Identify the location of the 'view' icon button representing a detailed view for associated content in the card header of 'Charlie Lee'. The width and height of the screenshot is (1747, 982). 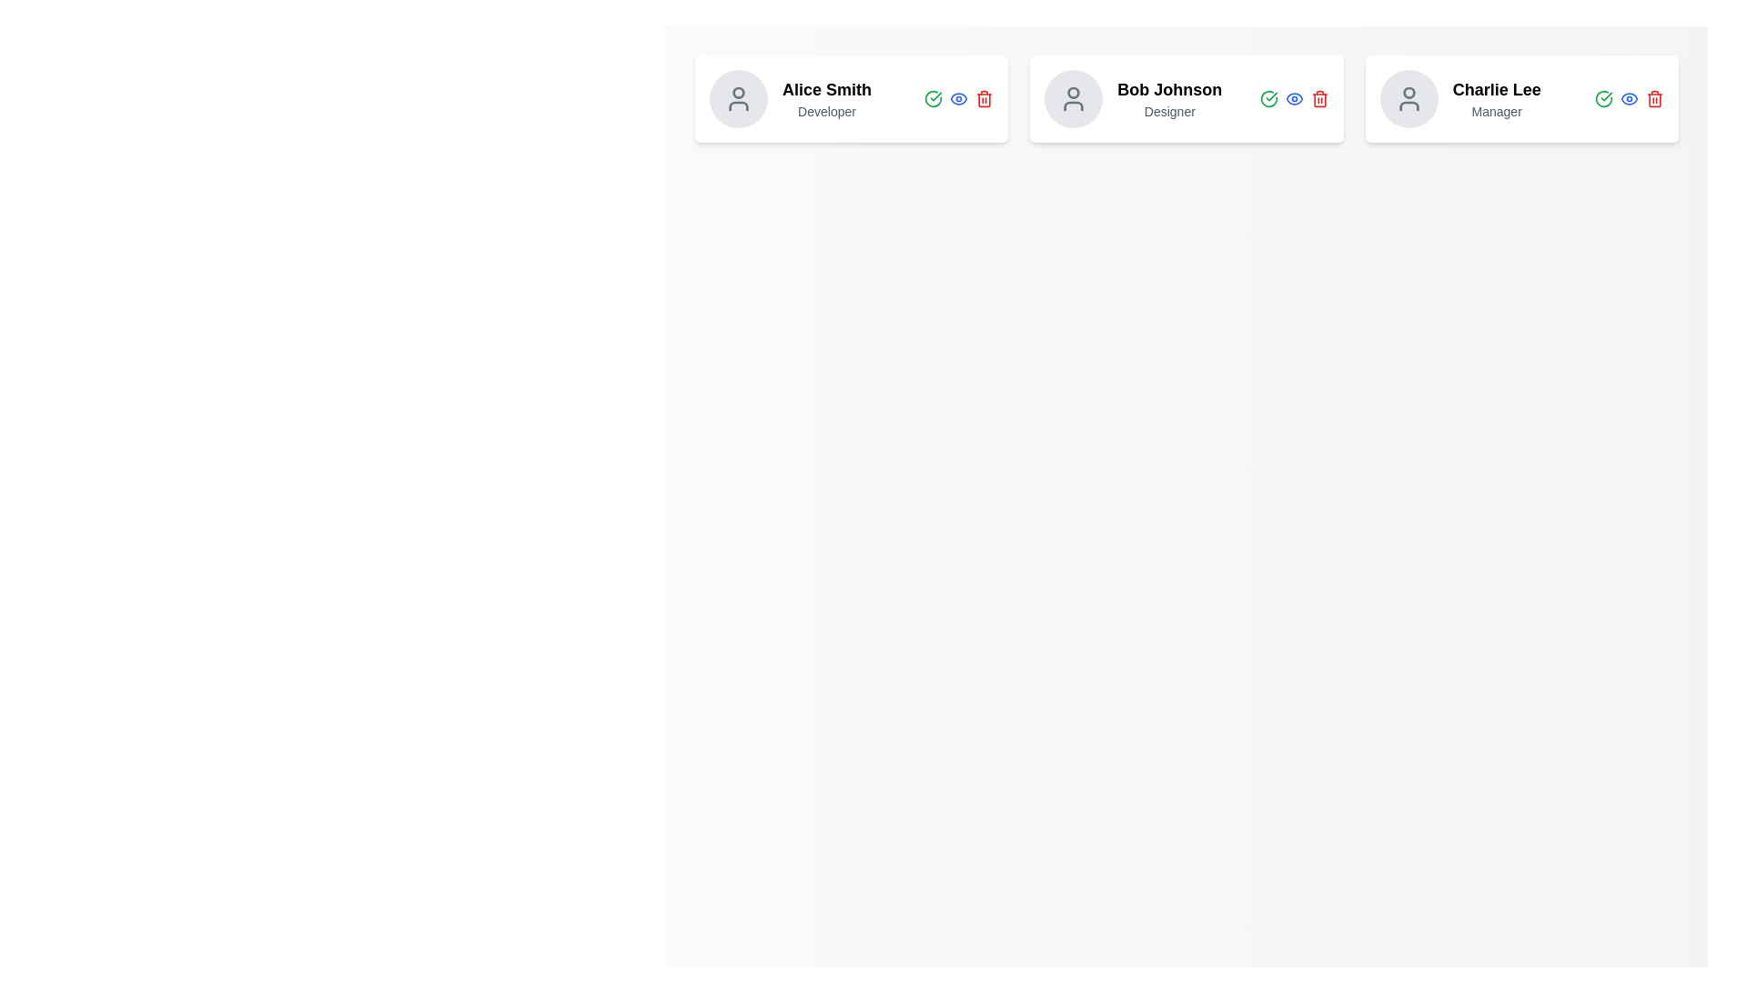
(1629, 98).